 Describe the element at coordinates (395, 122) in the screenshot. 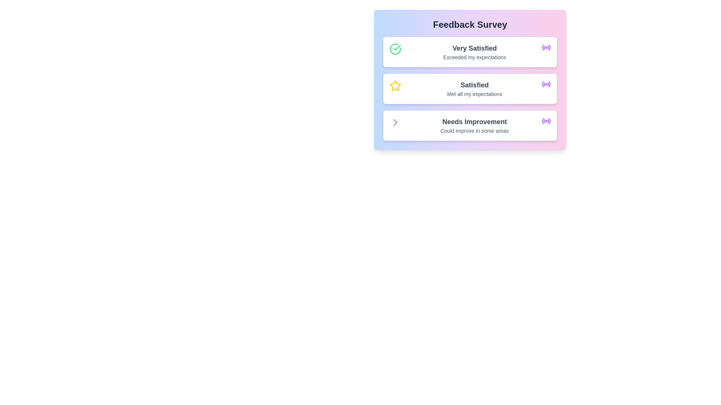

I see `the small right-facing gray chevron icon located in the lower left corner of the 'Needs Improvement' card in the feedback survey interface` at that location.